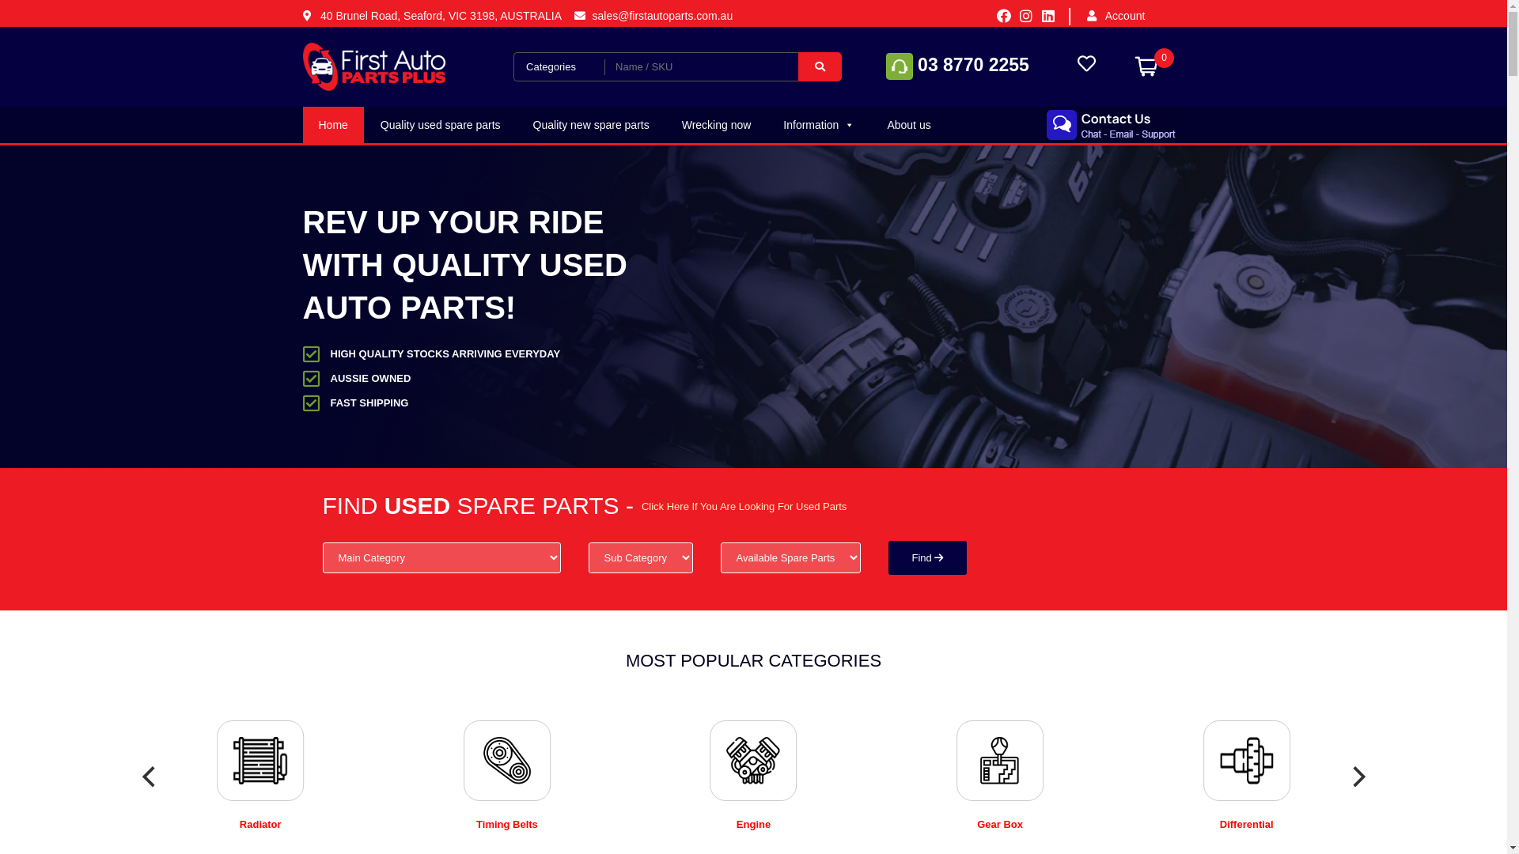 Image resolution: width=1519 pixels, height=854 pixels. Describe the element at coordinates (642, 506) in the screenshot. I see `'Click Here If You Are Looking For Used Parts'` at that location.